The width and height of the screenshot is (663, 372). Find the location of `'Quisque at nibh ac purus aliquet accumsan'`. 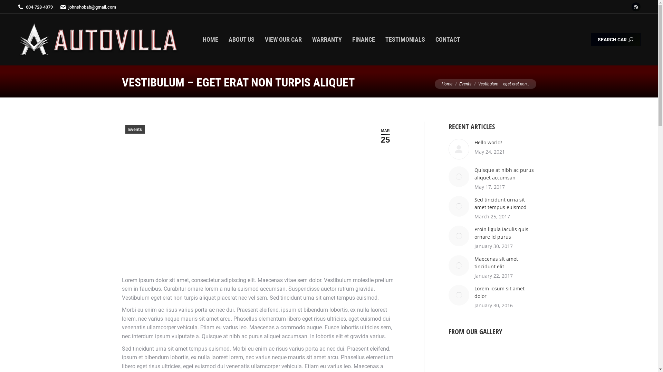

'Quisque at nibh ac purus aliquet accumsan' is located at coordinates (505, 174).